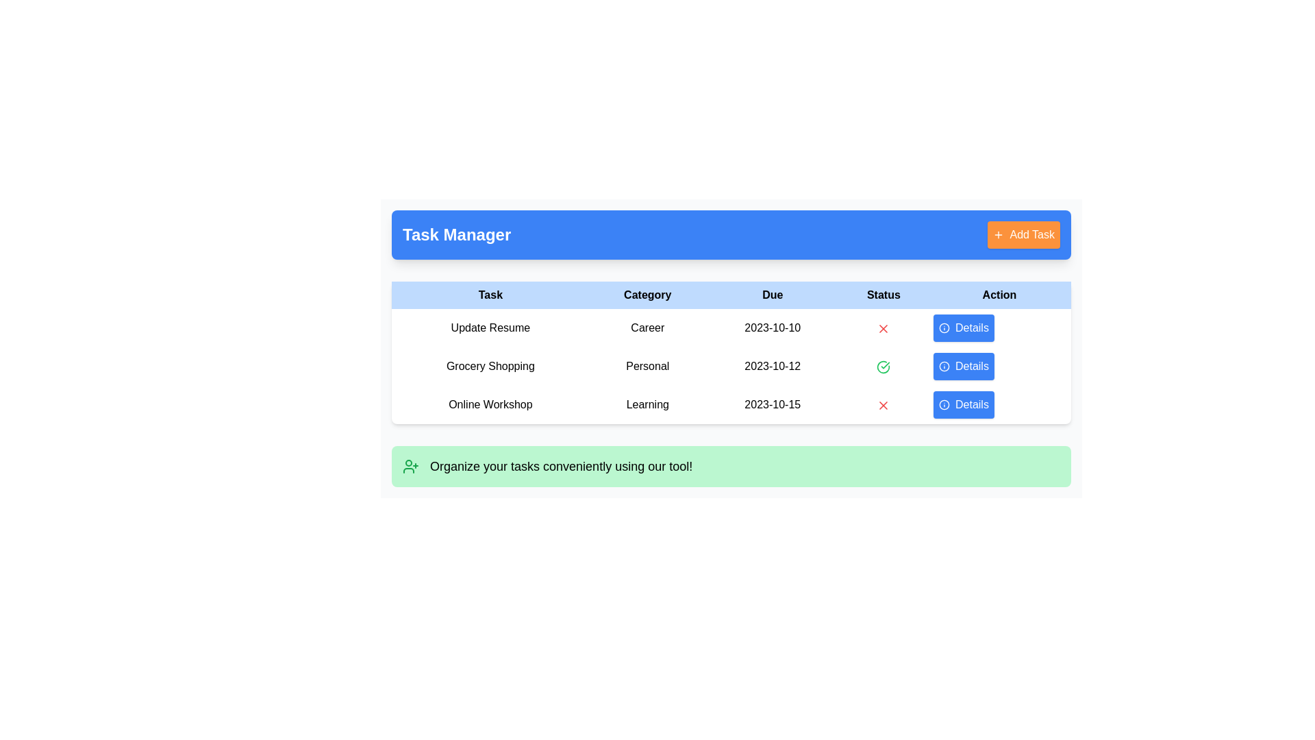  What do you see at coordinates (490, 366) in the screenshot?
I see `the text label displaying 'Grocery Shopping' in black font, located in the second row of the task list under the 'Task' column` at bounding box center [490, 366].